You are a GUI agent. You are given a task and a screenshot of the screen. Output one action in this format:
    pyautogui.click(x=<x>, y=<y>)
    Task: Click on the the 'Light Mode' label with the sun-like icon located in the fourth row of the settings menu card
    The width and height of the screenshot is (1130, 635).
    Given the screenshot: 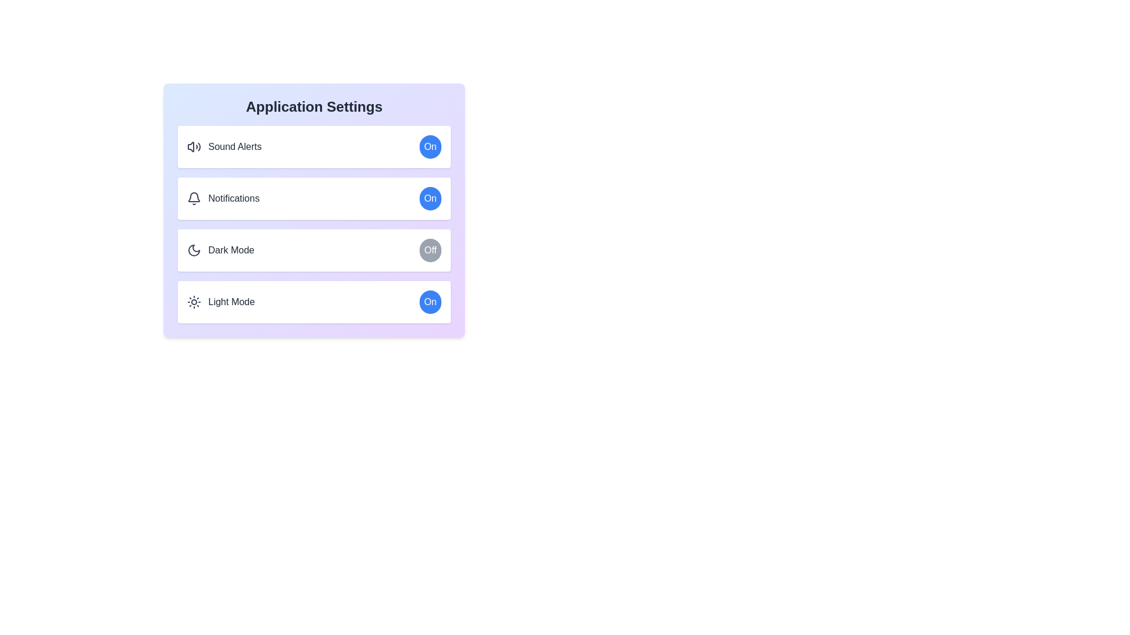 What is the action you would take?
    pyautogui.click(x=221, y=301)
    